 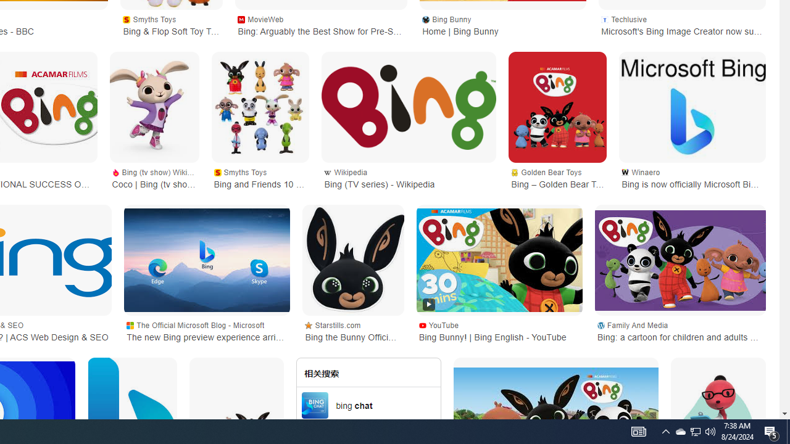 What do you see at coordinates (499, 259) in the screenshot?
I see `'Bing Bunny! | Bing English - YouTube'` at bounding box center [499, 259].